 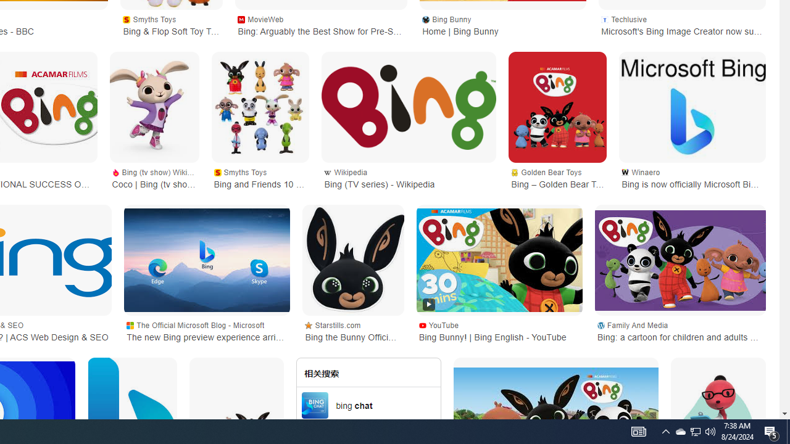 What do you see at coordinates (499, 259) in the screenshot?
I see `'Bing Bunny! | Bing English - YouTube'` at bounding box center [499, 259].